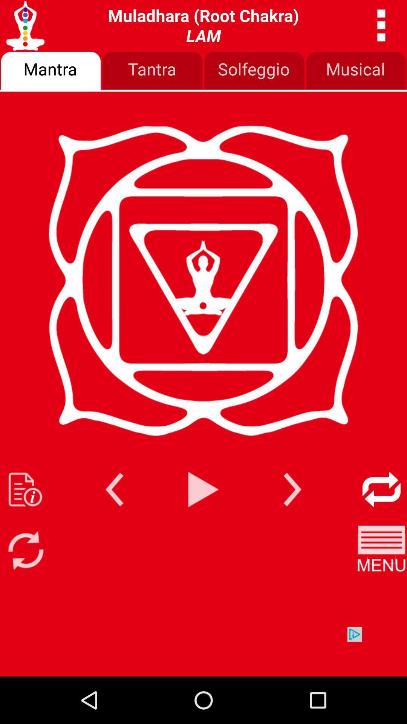 Image resolution: width=407 pixels, height=724 pixels. I want to click on the refresh icon, so click(25, 589).